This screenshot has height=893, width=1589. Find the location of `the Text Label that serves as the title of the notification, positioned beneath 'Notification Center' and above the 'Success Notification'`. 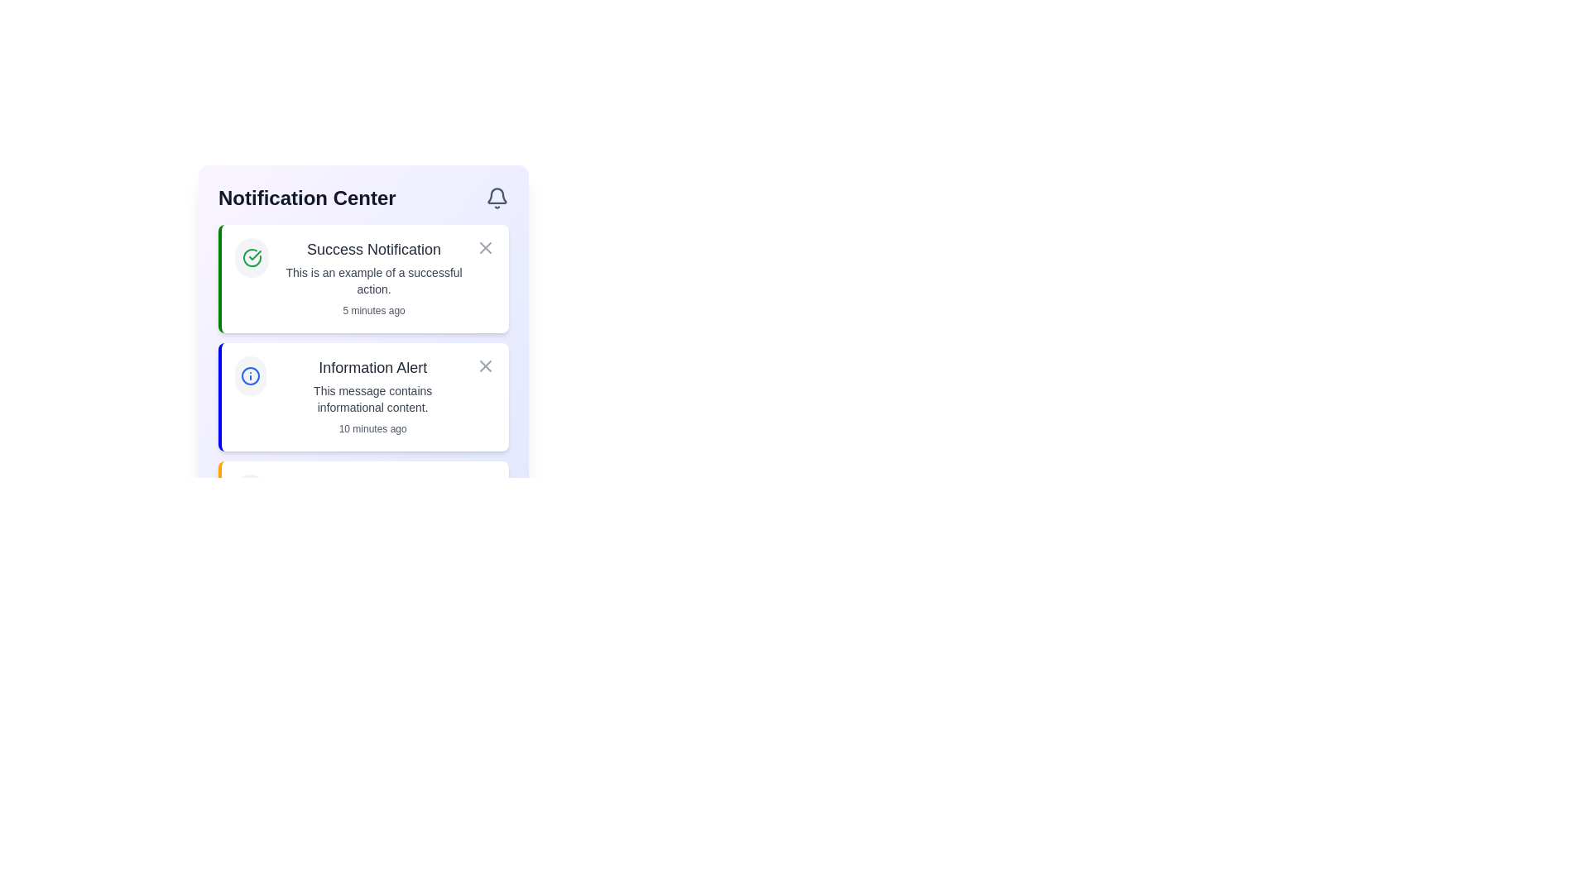

the Text Label that serves as the title of the notification, positioned beneath 'Notification Center' and above the 'Success Notification' is located at coordinates (372, 366).